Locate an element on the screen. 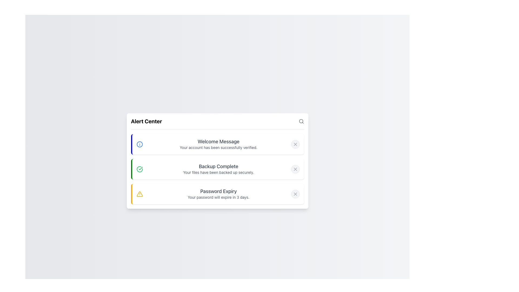 This screenshot has height=292, width=519. the circular part of the SVG search icon located at the top-right corner of the 'Alert Center' card is located at coordinates (301, 121).